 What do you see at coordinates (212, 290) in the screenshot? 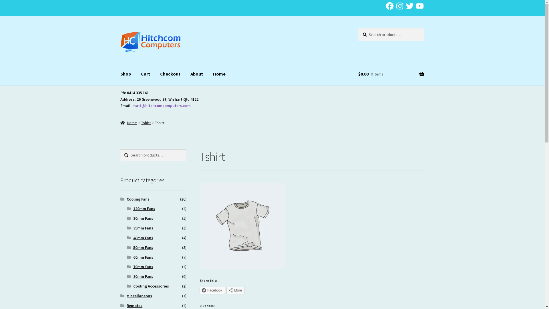
I see `'Facebook'` at bounding box center [212, 290].